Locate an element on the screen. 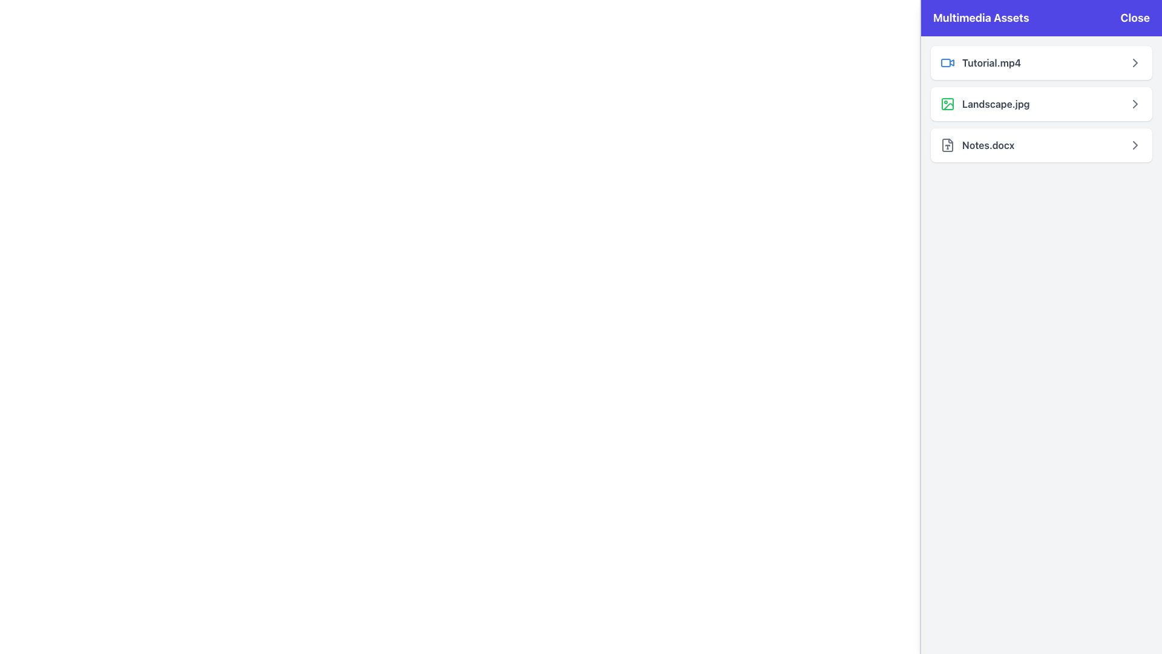 The width and height of the screenshot is (1162, 654). the document icon representing 'Notes.docx', which features a folded corner and a gray fill color, located in the multimedia assets section of the file list is located at coordinates (947, 144).